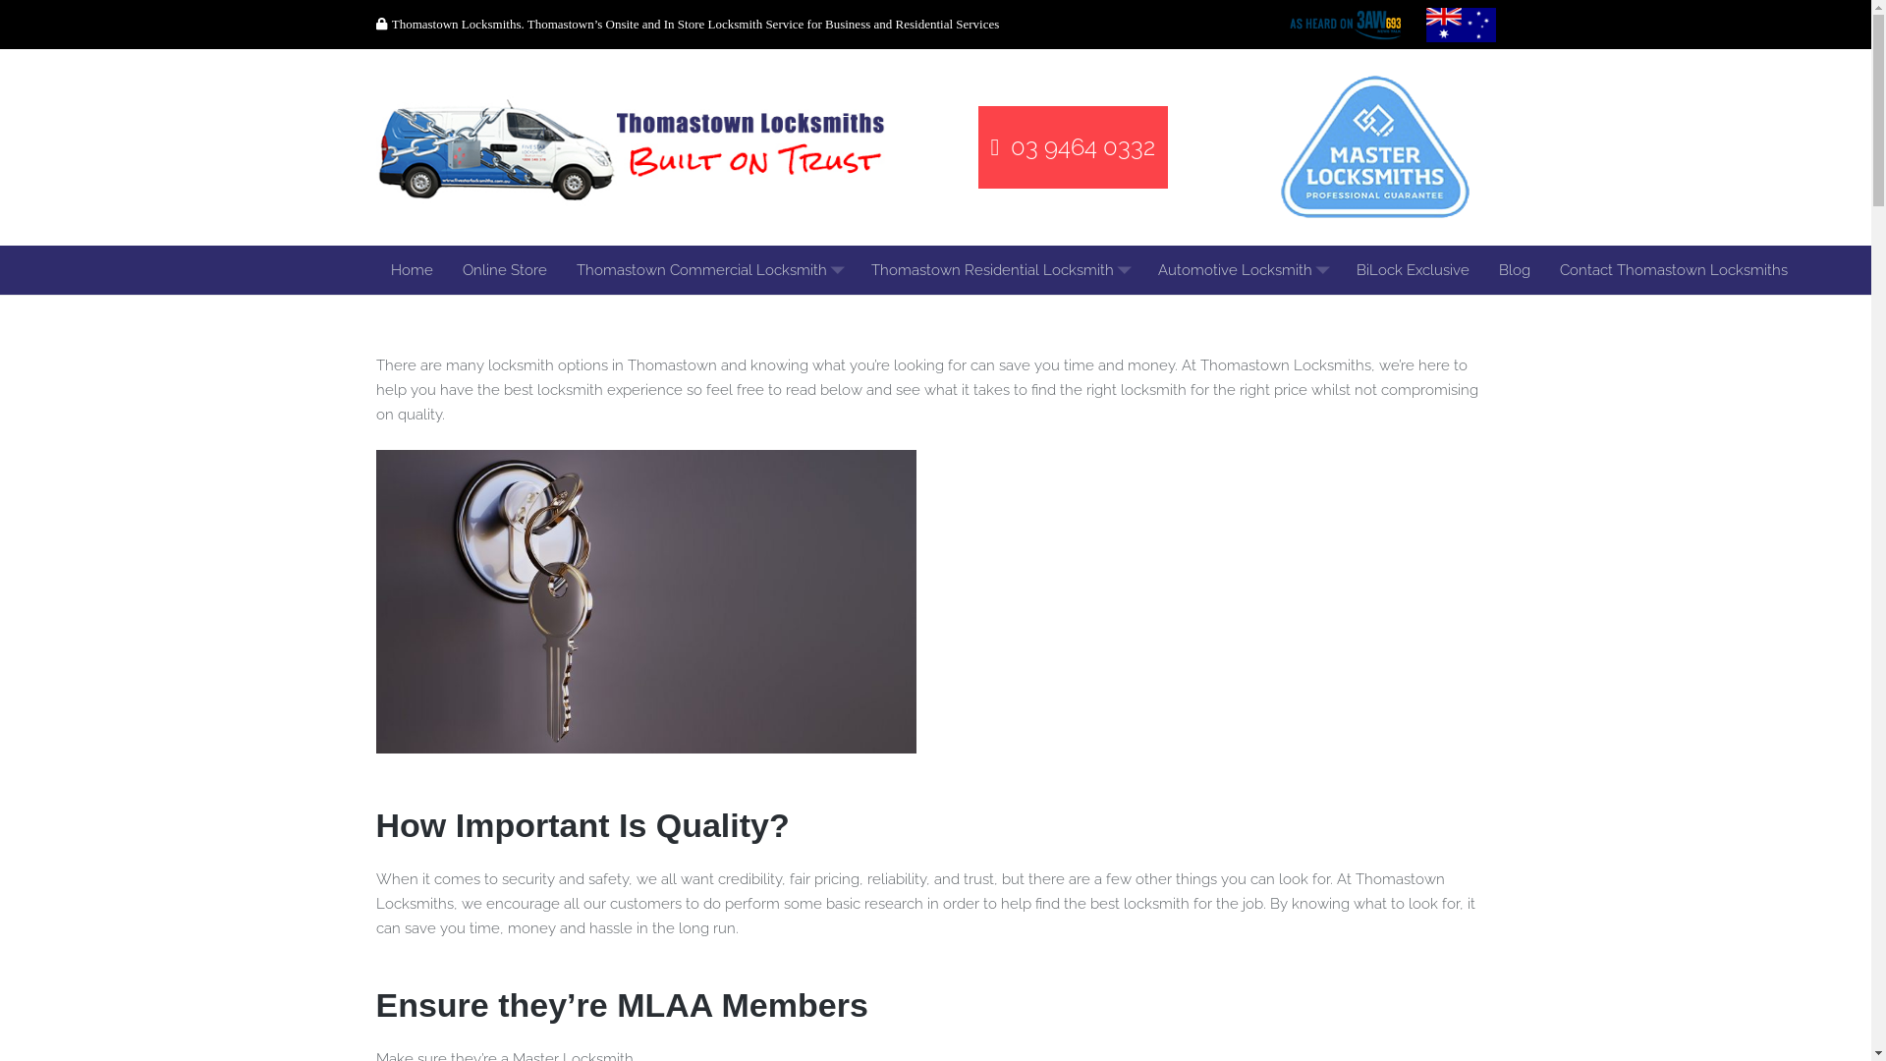 This screenshot has width=1886, height=1061. What do you see at coordinates (1412, 269) in the screenshot?
I see `'BiLock Exclusive'` at bounding box center [1412, 269].